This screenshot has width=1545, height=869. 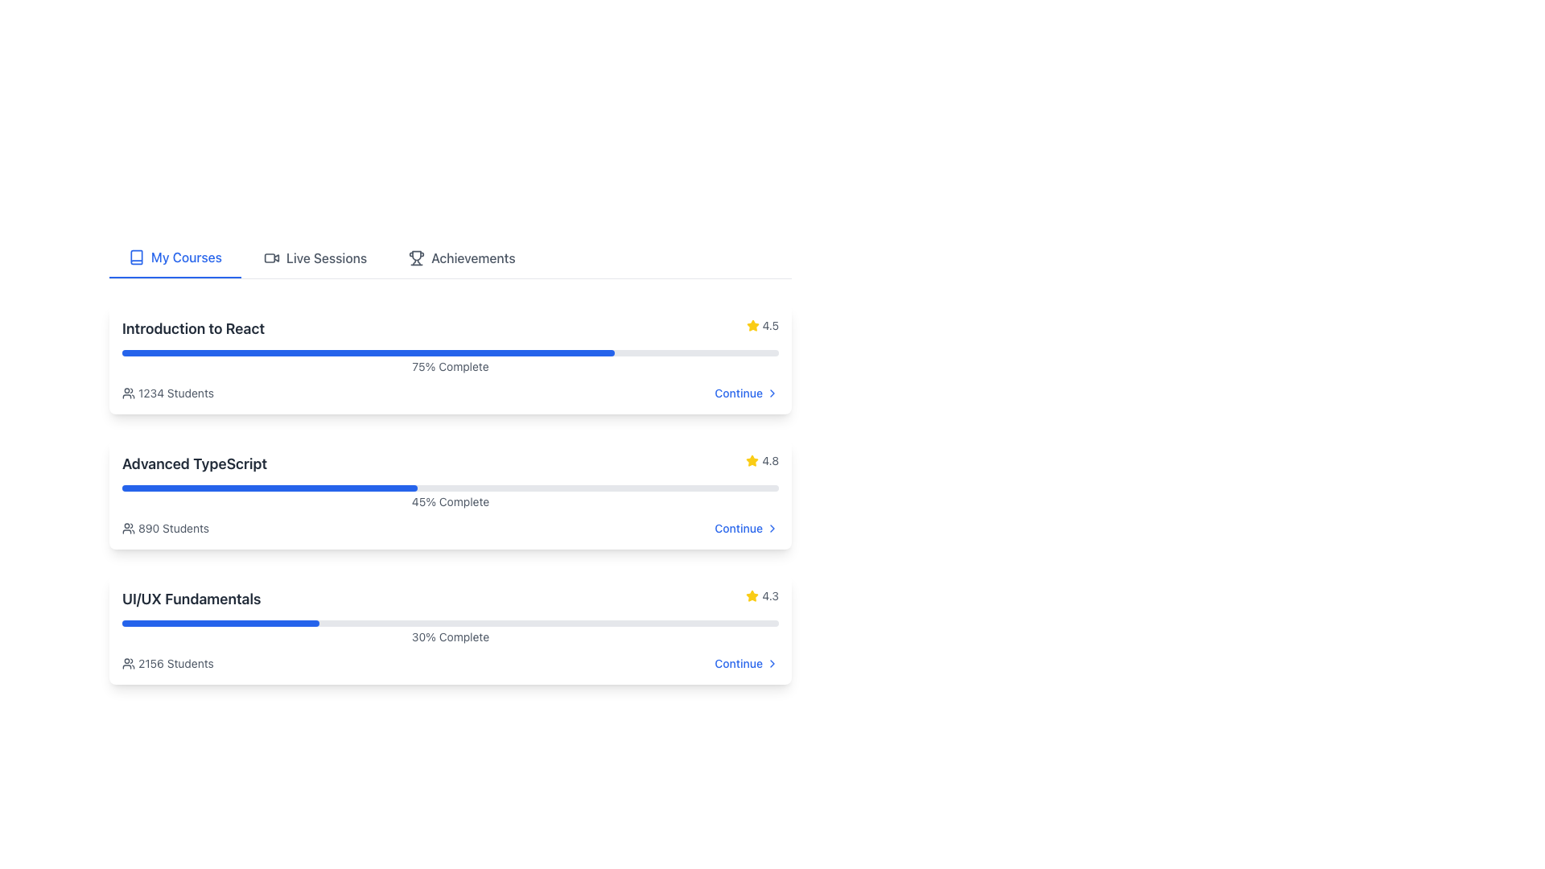 What do you see at coordinates (761, 461) in the screenshot?
I see `rating value displayed as '4.8' next to the yellow star icon in the lower right corner of the 'Advanced TypeScript' card` at bounding box center [761, 461].